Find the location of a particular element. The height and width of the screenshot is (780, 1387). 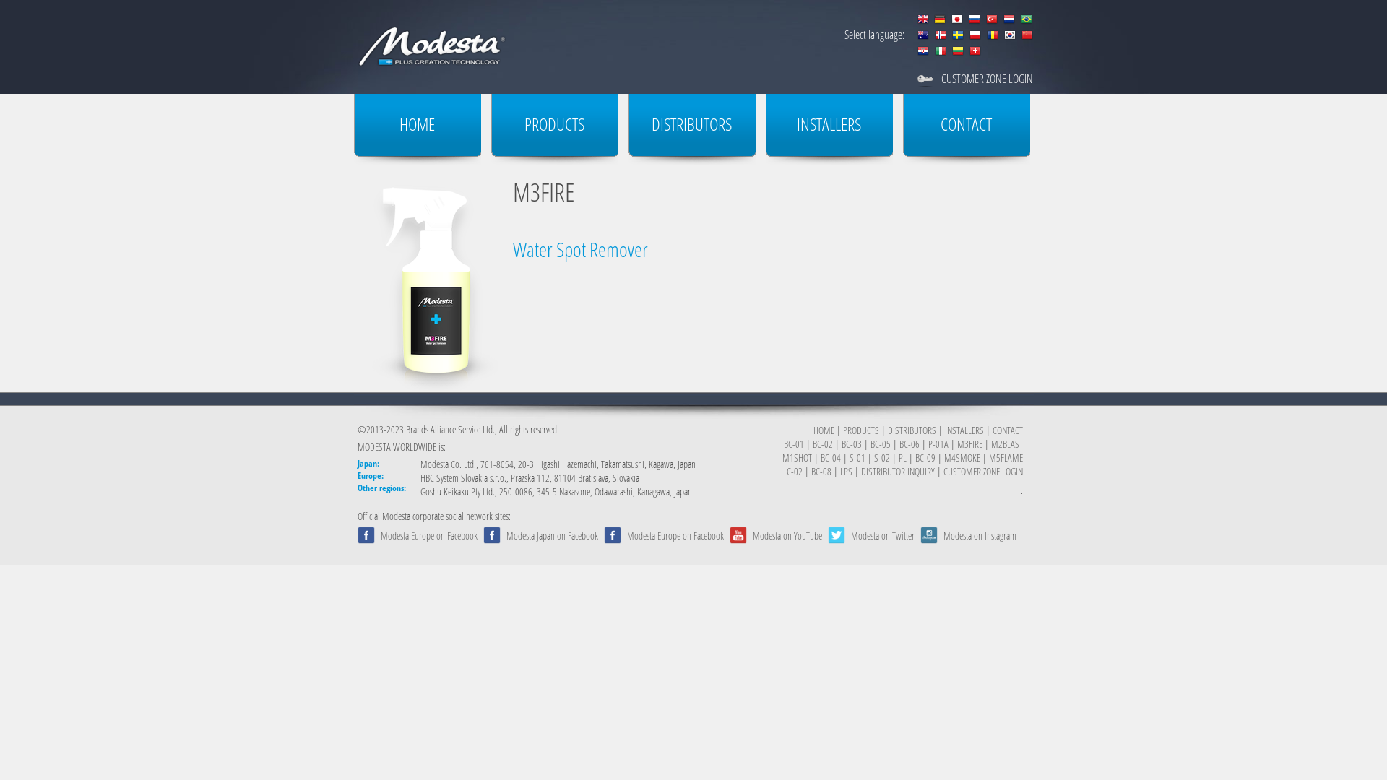

'DISTRIBUTORS' is located at coordinates (911, 429).